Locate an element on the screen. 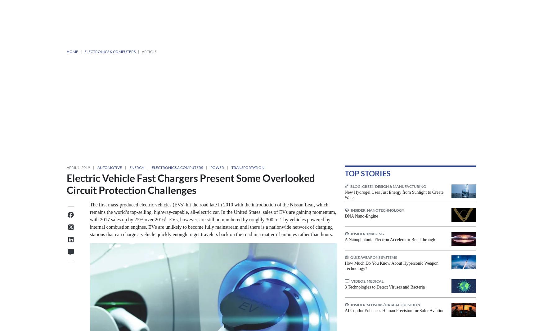 The image size is (543, 331). 'Batteries' is located at coordinates (161, 208).